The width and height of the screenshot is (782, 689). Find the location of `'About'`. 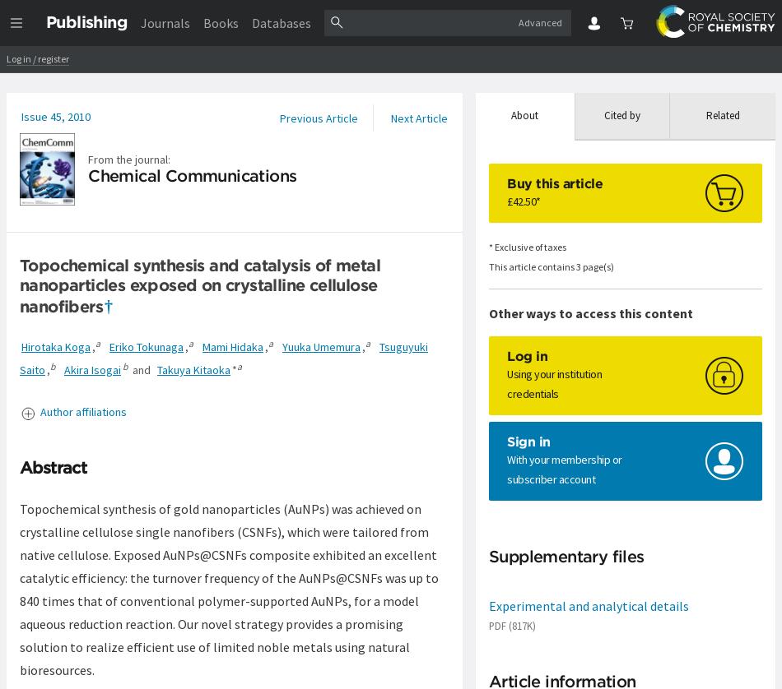

'About' is located at coordinates (524, 115).